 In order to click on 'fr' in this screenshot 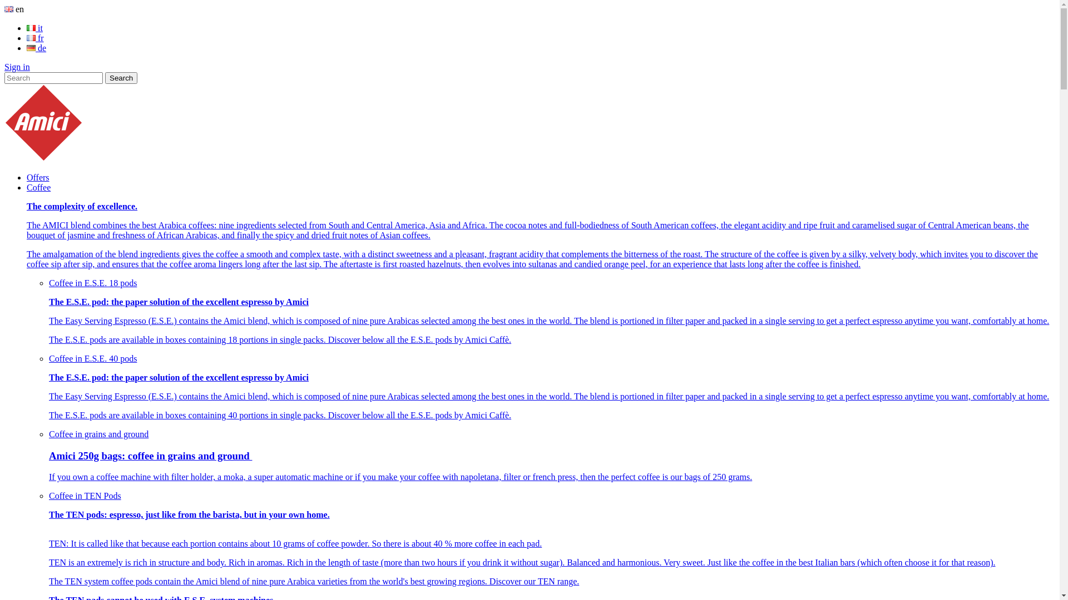, I will do `click(35, 37)`.